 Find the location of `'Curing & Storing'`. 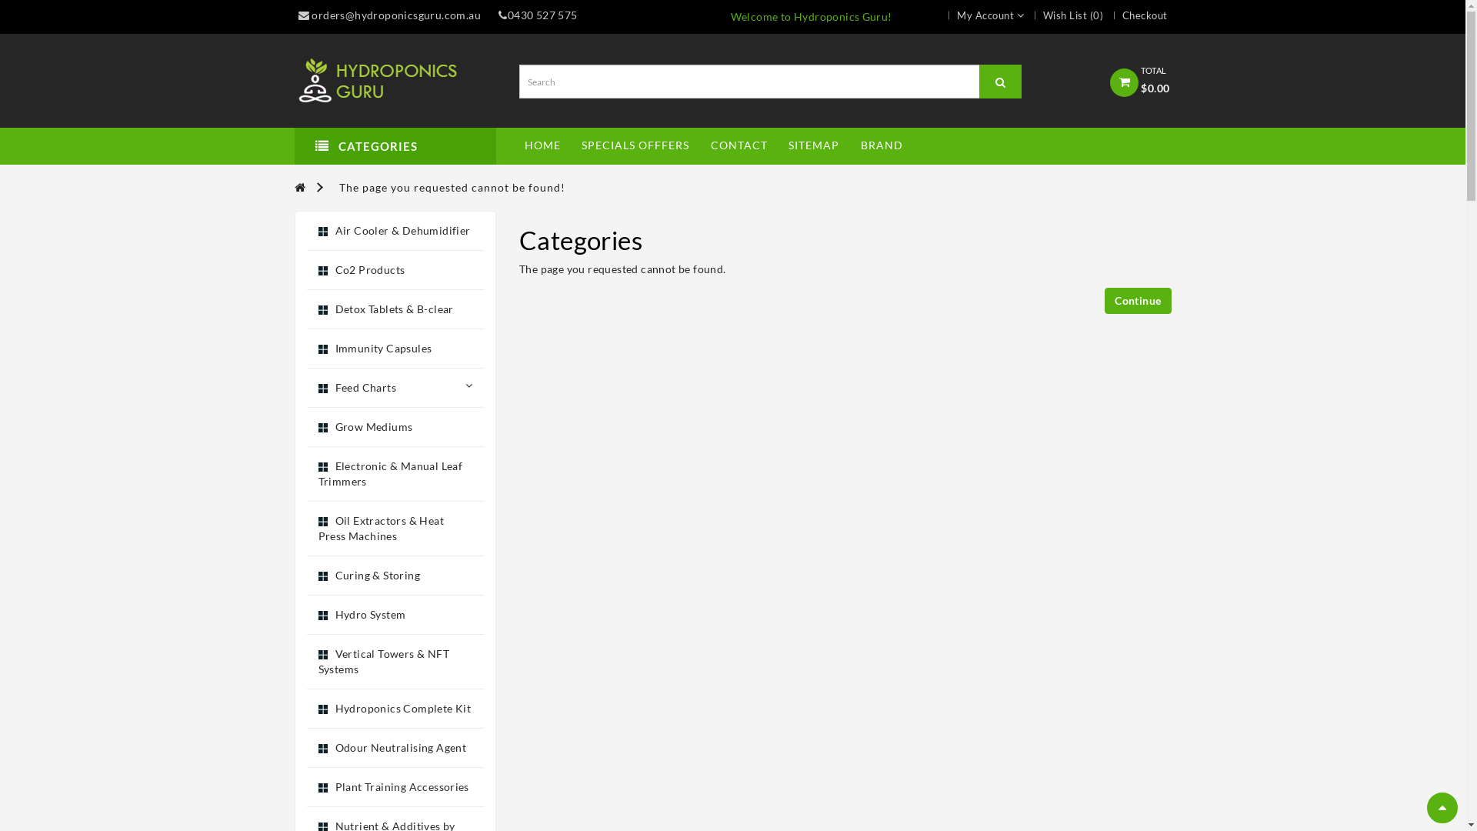

'Curing & Storing' is located at coordinates (395, 575).